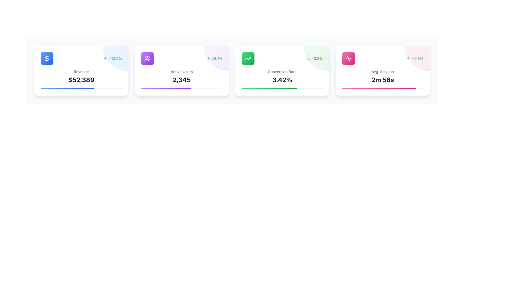  I want to click on the 'Active Users' icon located in the top-left corner of the second panel from the left, which displays the title 'Active Users' and the statistic '2,345', so click(147, 58).